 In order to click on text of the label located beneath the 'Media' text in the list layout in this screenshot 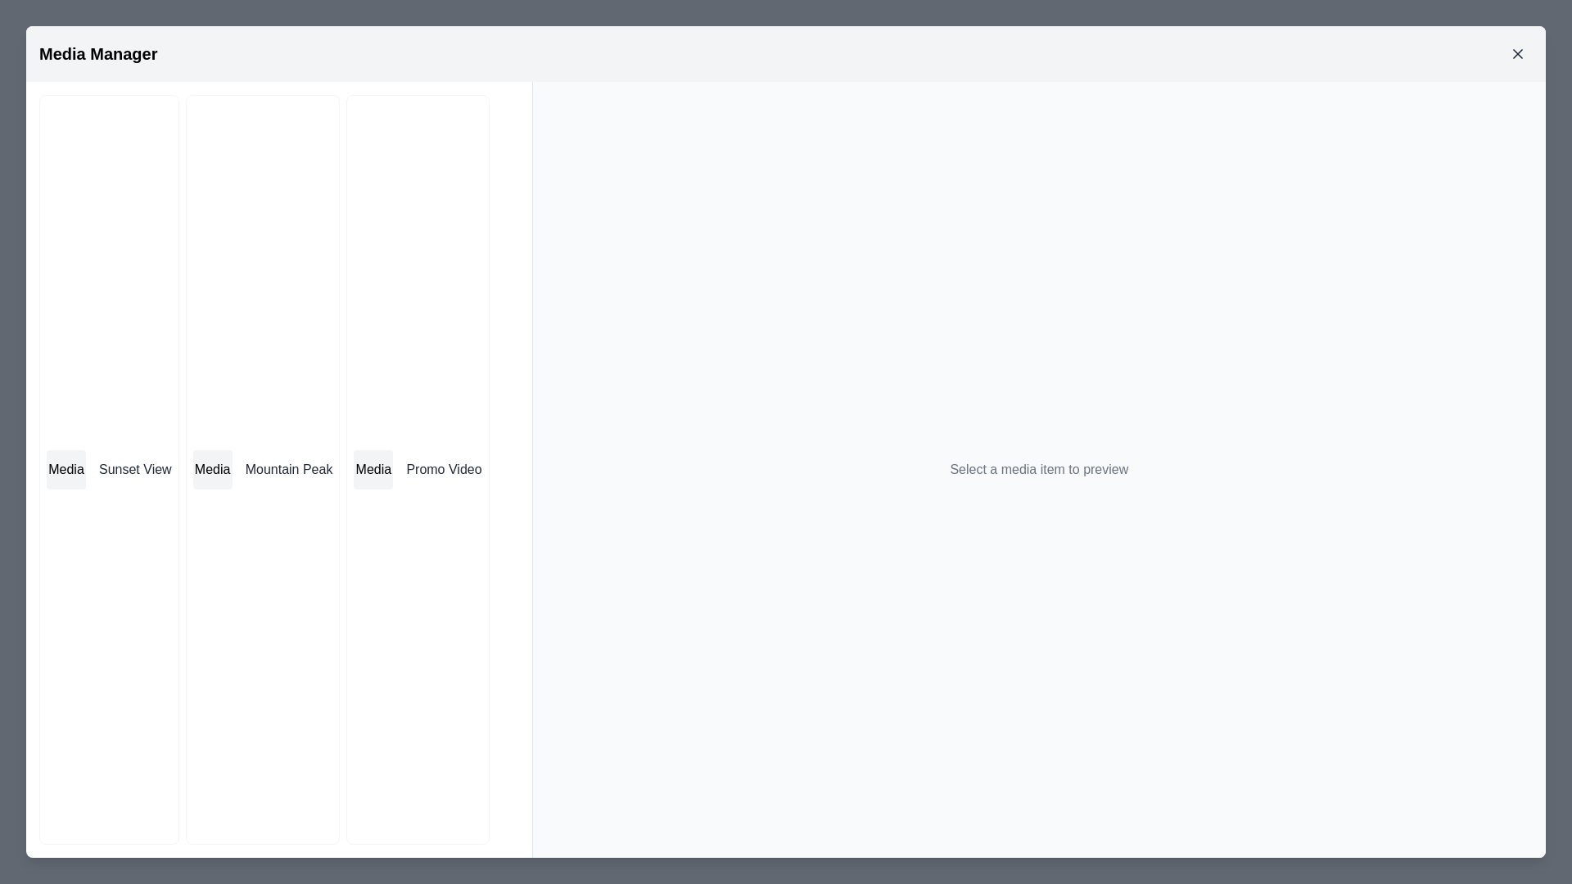, I will do `click(289, 470)`.